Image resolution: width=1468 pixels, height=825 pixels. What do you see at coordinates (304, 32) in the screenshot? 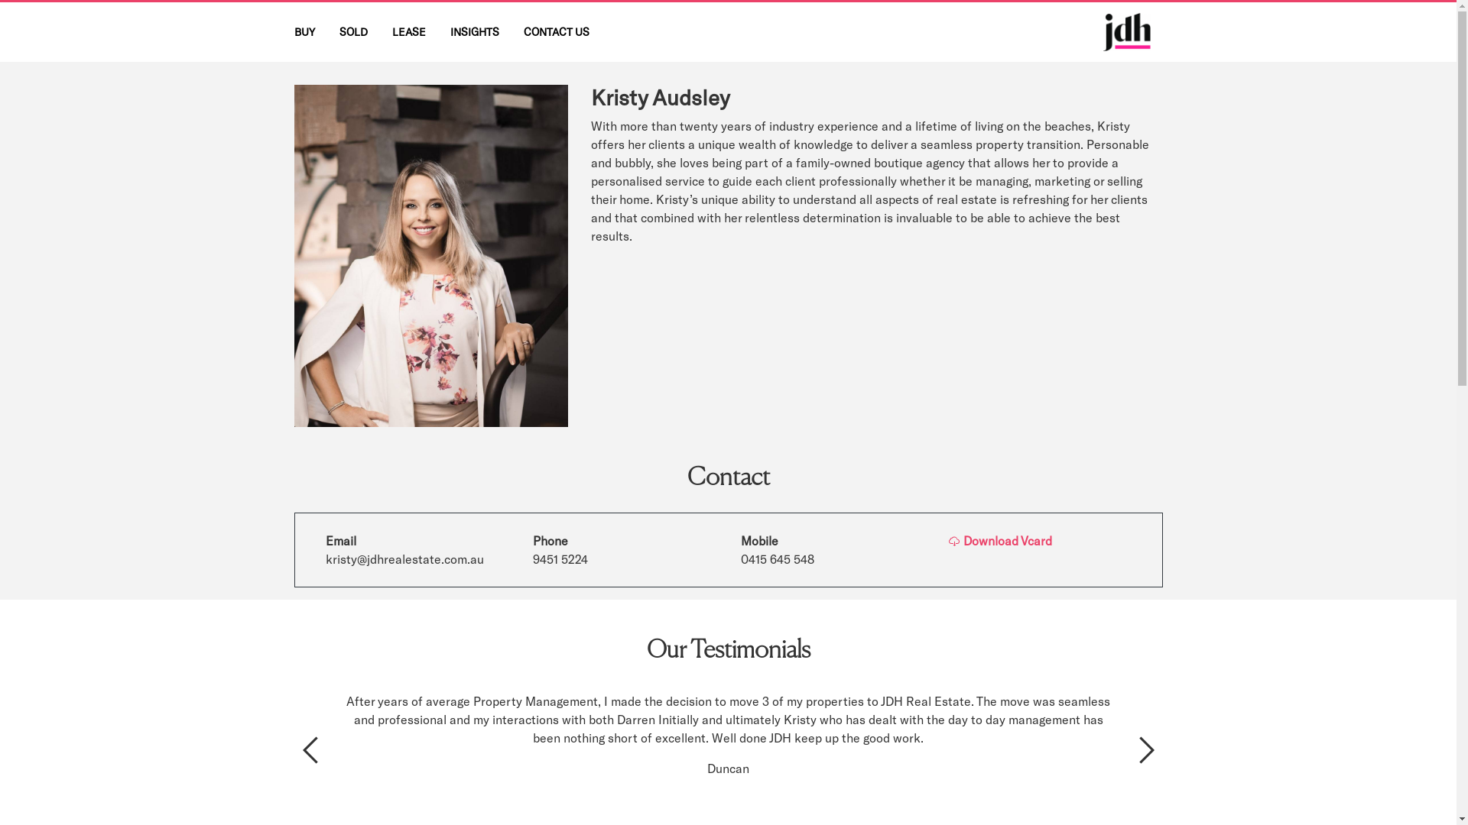
I see `'BUY'` at bounding box center [304, 32].